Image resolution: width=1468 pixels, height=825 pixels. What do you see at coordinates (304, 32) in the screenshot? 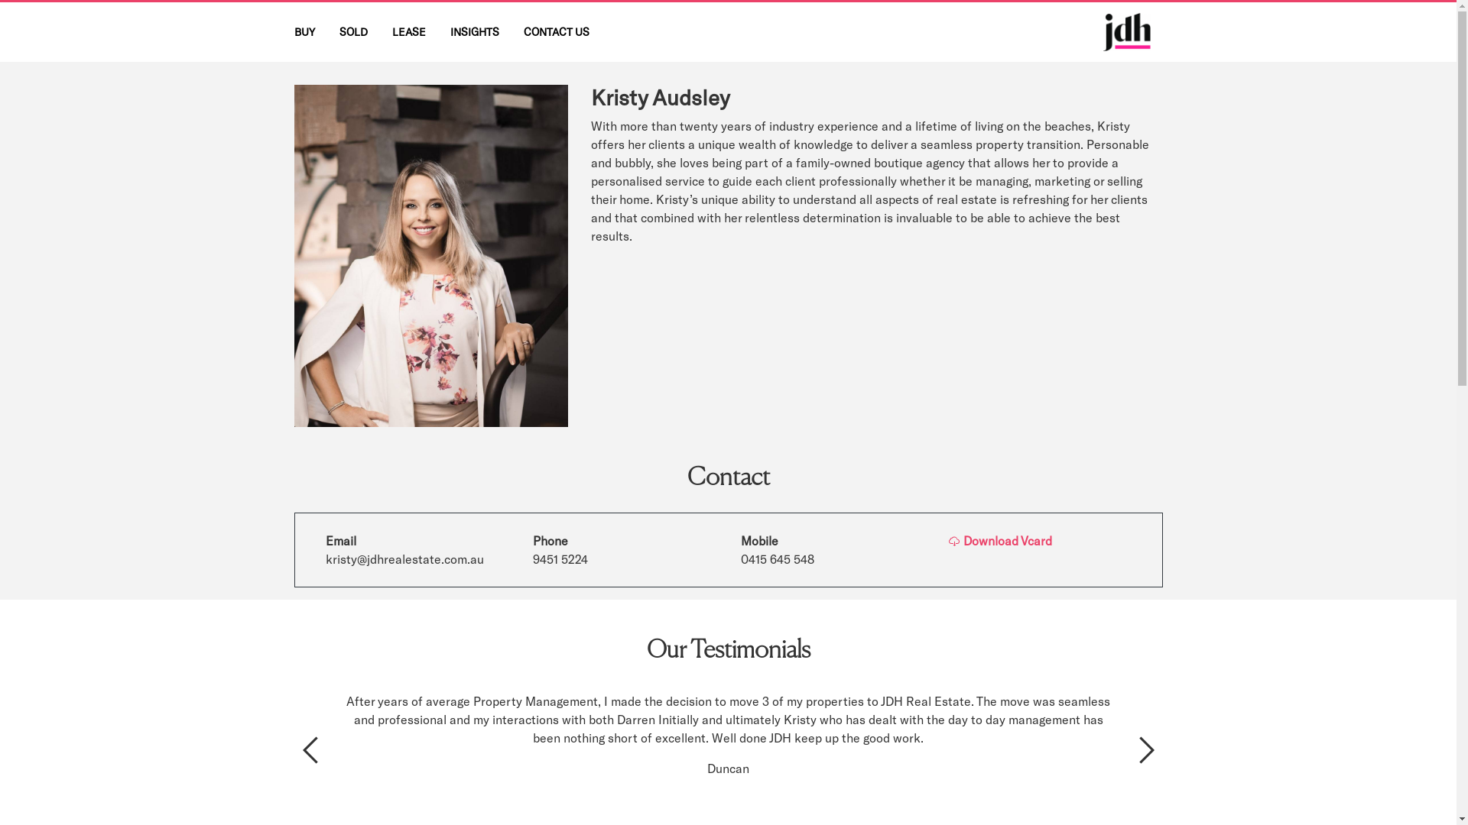
I see `'BUY'` at bounding box center [304, 32].